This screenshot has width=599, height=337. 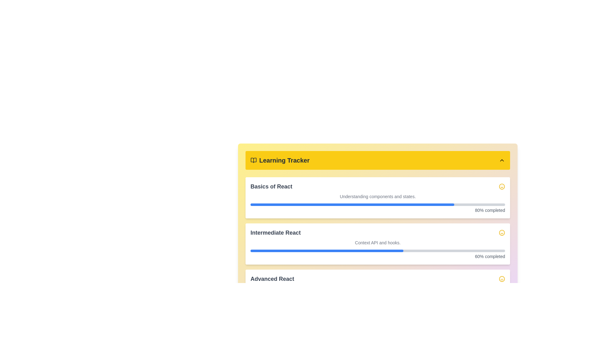 I want to click on the textual element displaying 'Understanding components and states.' styled in small gray font, located below the heading 'Basics of React', so click(x=377, y=196).